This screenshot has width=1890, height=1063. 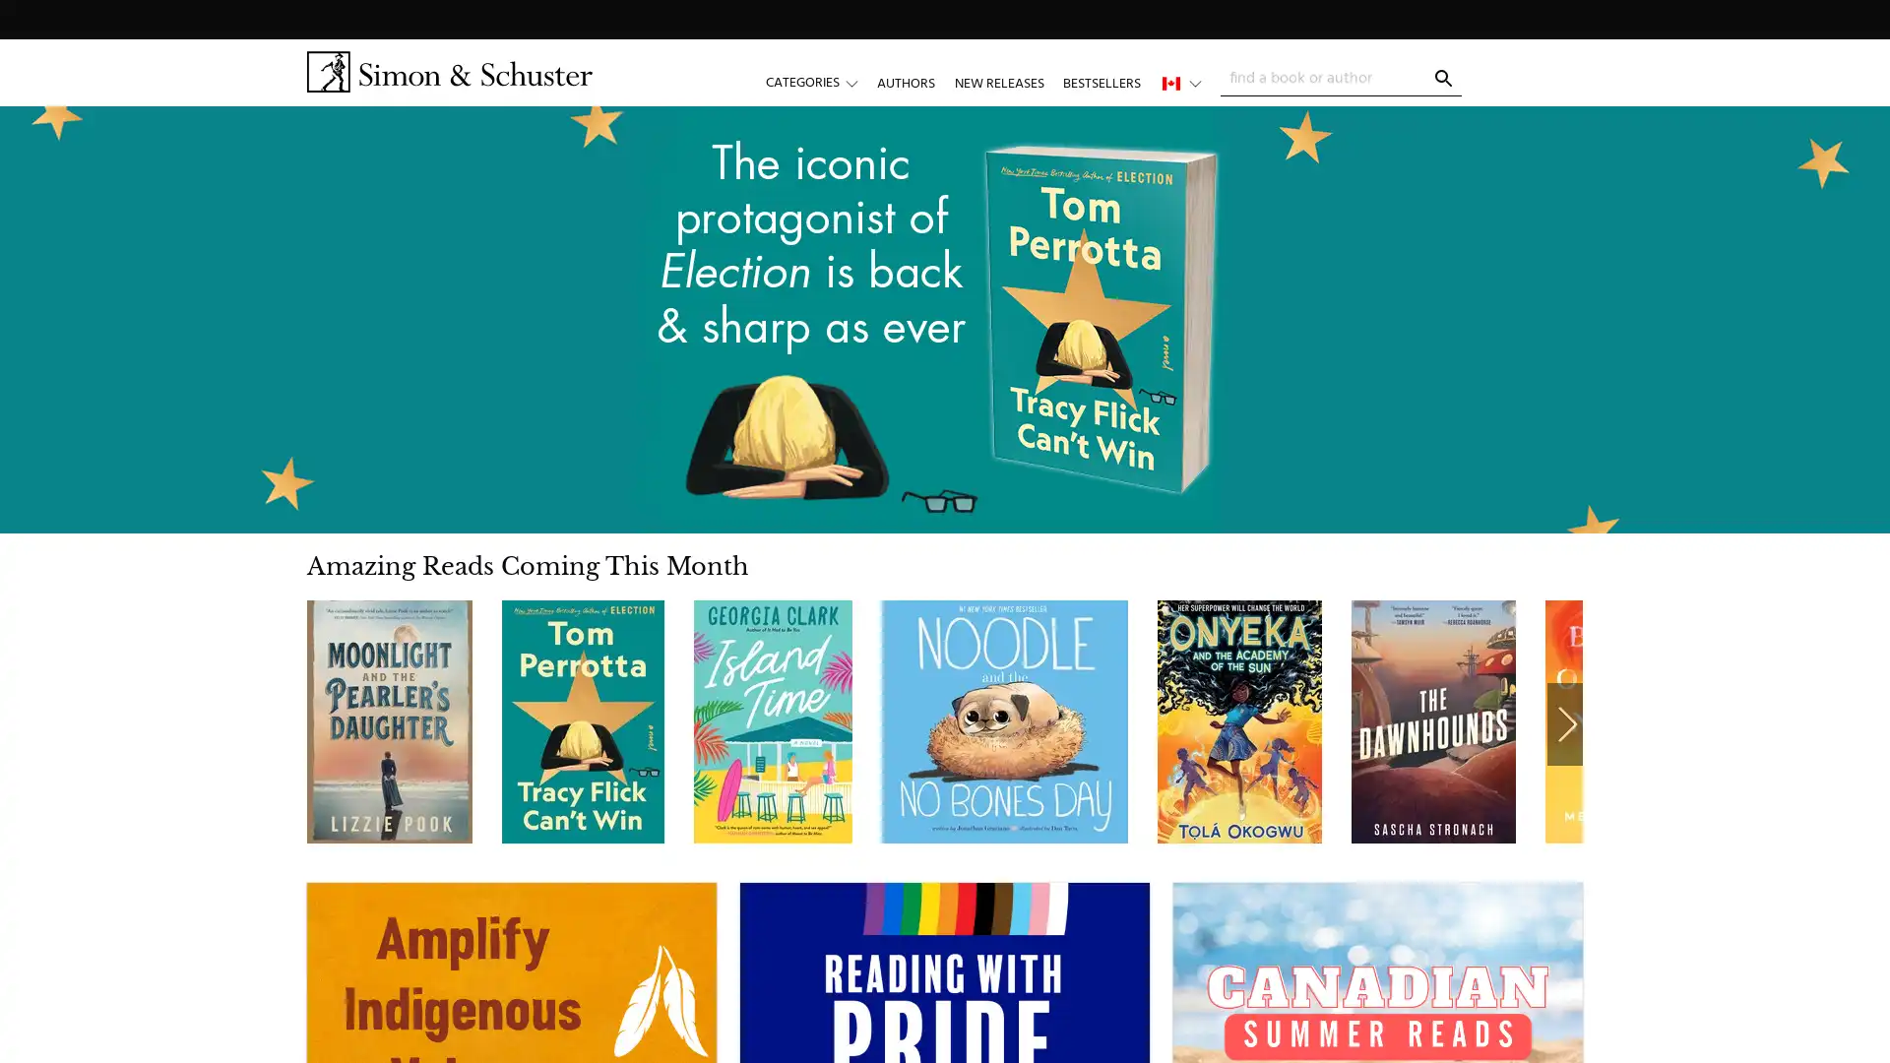 I want to click on AUTHORS, so click(x=905, y=82).